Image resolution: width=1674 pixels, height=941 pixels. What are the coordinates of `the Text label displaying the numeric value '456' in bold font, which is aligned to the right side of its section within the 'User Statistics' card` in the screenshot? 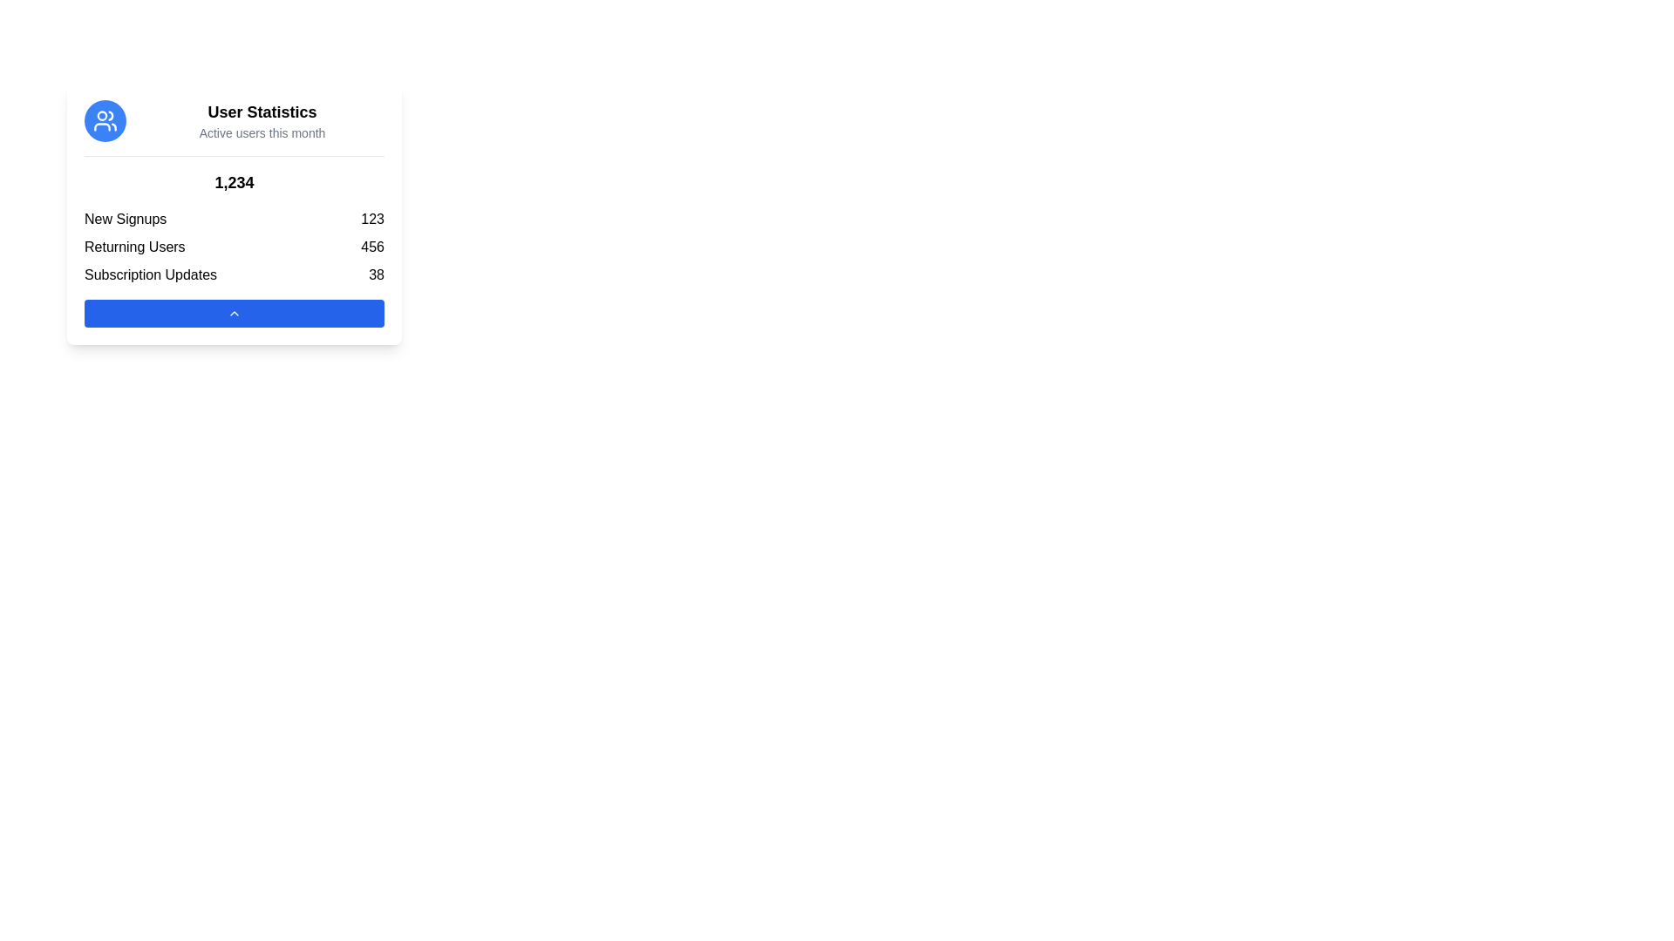 It's located at (371, 247).